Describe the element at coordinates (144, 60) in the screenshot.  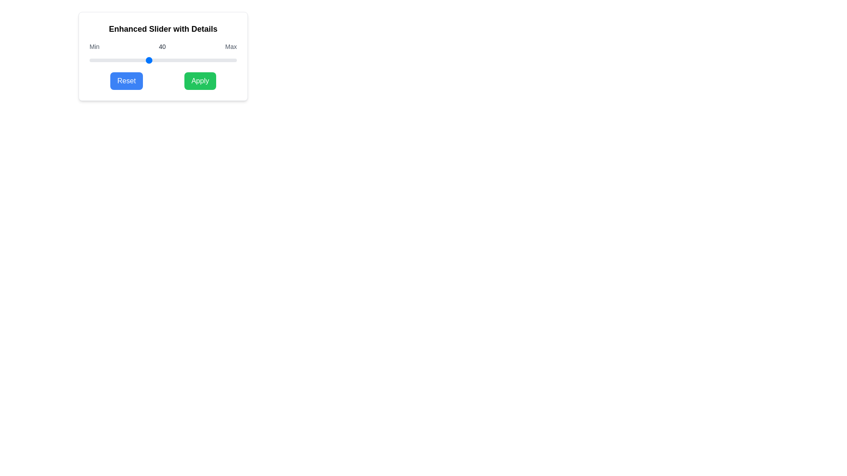
I see `the slider` at that location.